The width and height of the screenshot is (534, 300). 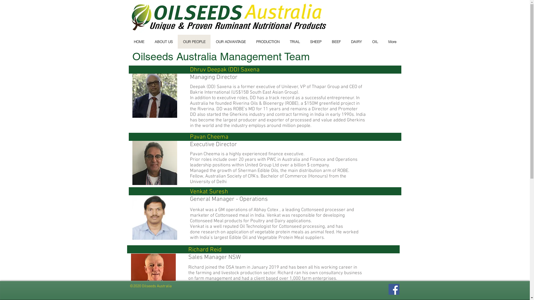 I want to click on 'OUR ADVANTAGE', so click(x=230, y=41).